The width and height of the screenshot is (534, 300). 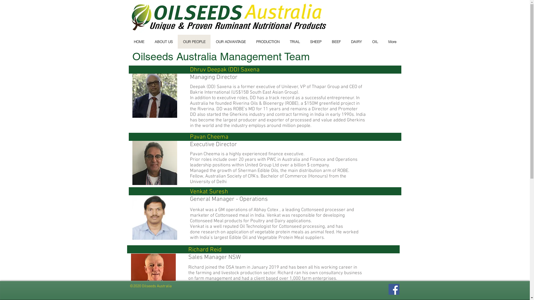 I want to click on 'OUR ADVANTAGE', so click(x=230, y=41).